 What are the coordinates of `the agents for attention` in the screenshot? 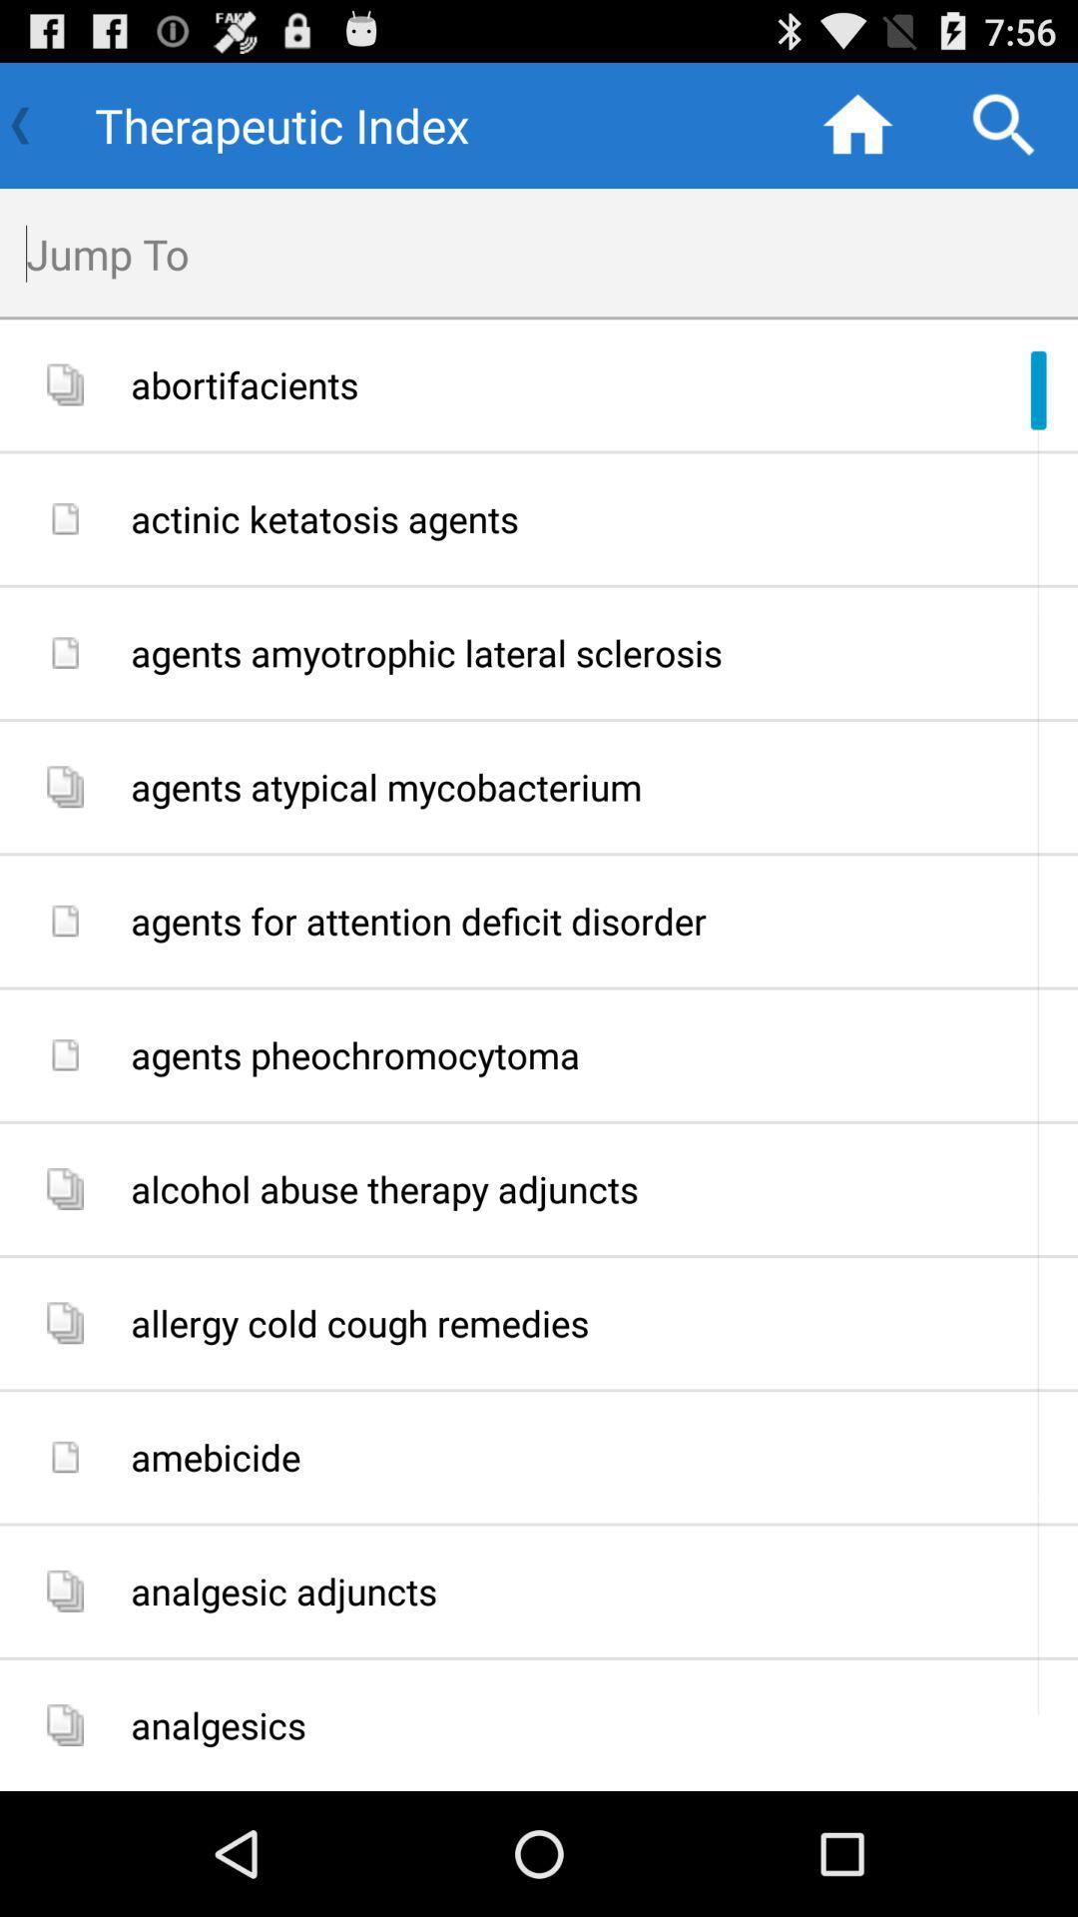 It's located at (596, 920).